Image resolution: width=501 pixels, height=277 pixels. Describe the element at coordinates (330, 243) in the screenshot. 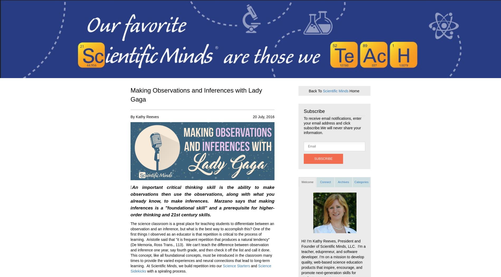

I see `'Hi! I'm Kathy Reeves, President and Founder of Scientific
Minds, LLC.'` at that location.